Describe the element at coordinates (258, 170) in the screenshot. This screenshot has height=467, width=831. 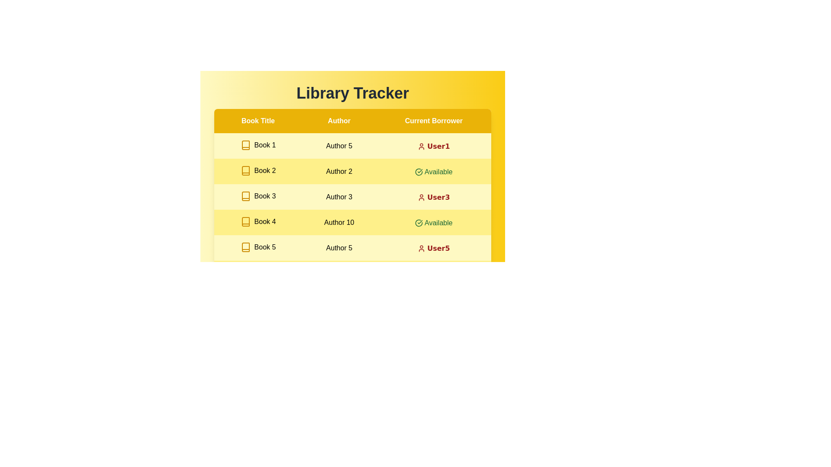
I see `the book title Book 2 to inspect its details` at that location.